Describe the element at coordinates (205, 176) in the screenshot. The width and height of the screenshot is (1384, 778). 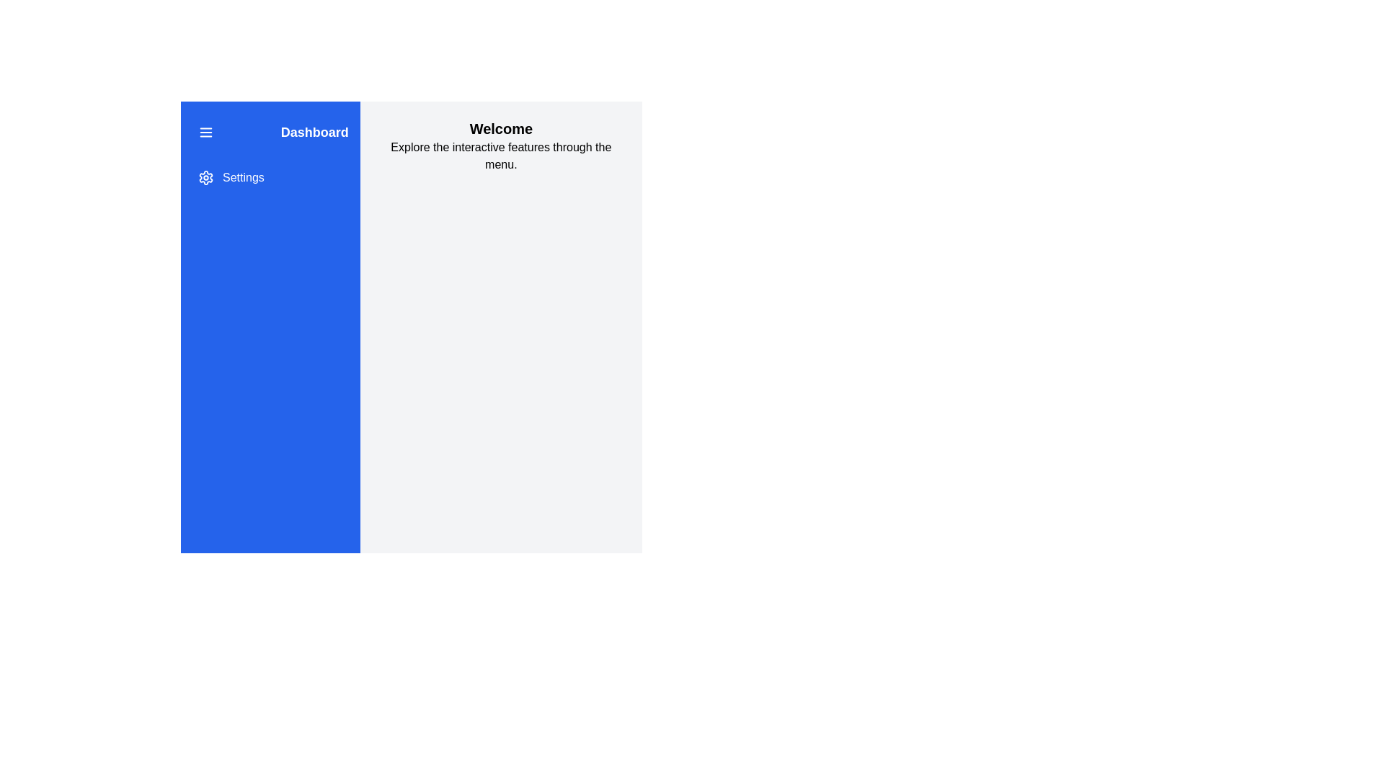
I see `the gear icon located in the settings section of the vertical navigation bar` at that location.